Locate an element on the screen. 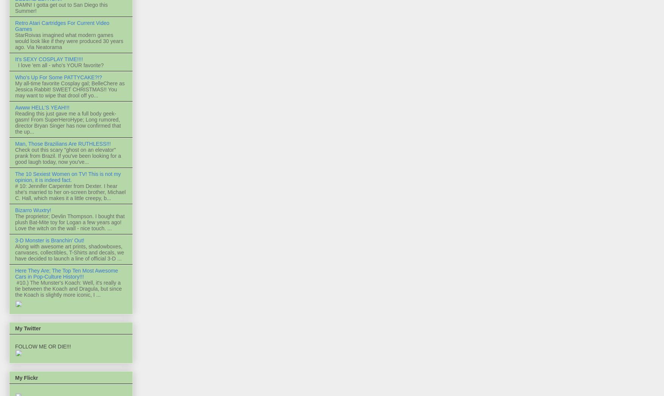 This screenshot has height=396, width=664. 'Awww HELL'S YEAH!!!' is located at coordinates (15, 108).